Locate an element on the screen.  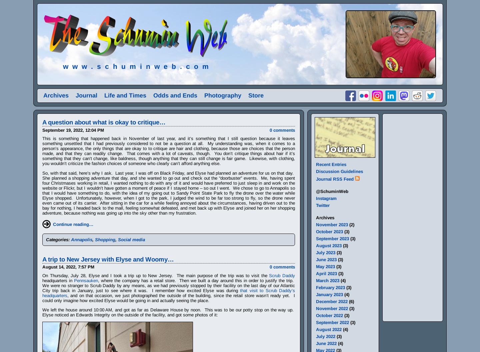
'September 2023' is located at coordinates (332, 239).